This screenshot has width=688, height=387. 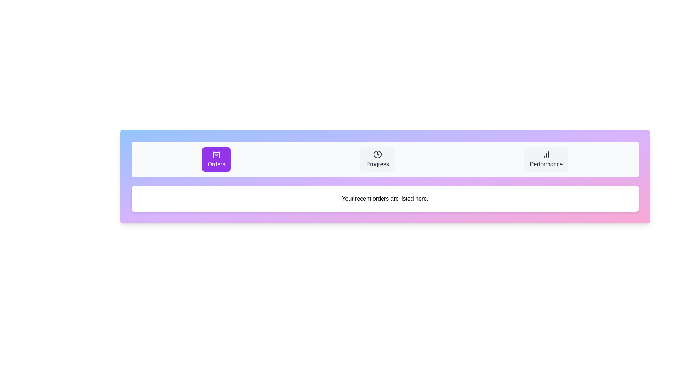 What do you see at coordinates (546, 159) in the screenshot?
I see `the button labeled 'Performance' with an icon of growing vertical bars` at bounding box center [546, 159].